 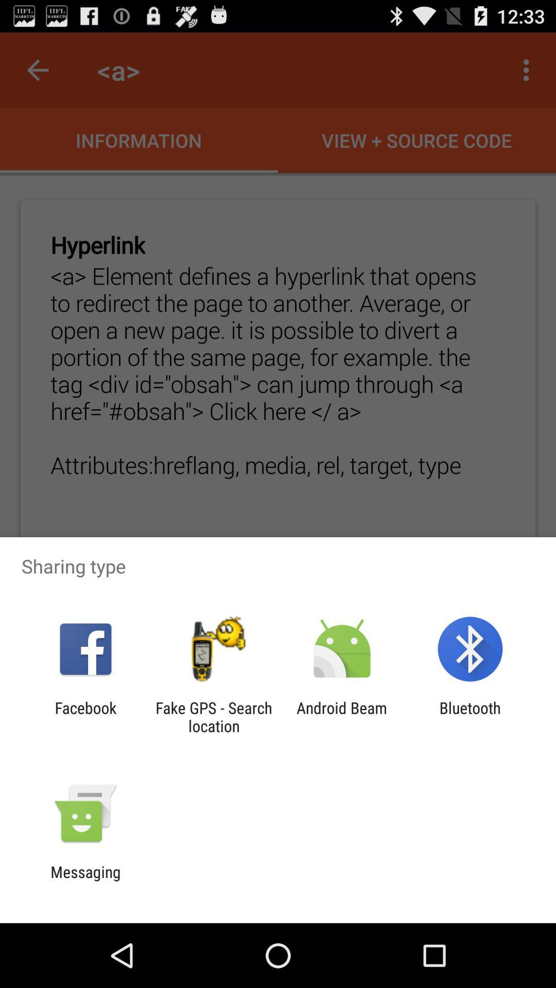 I want to click on facebook, so click(x=85, y=716).